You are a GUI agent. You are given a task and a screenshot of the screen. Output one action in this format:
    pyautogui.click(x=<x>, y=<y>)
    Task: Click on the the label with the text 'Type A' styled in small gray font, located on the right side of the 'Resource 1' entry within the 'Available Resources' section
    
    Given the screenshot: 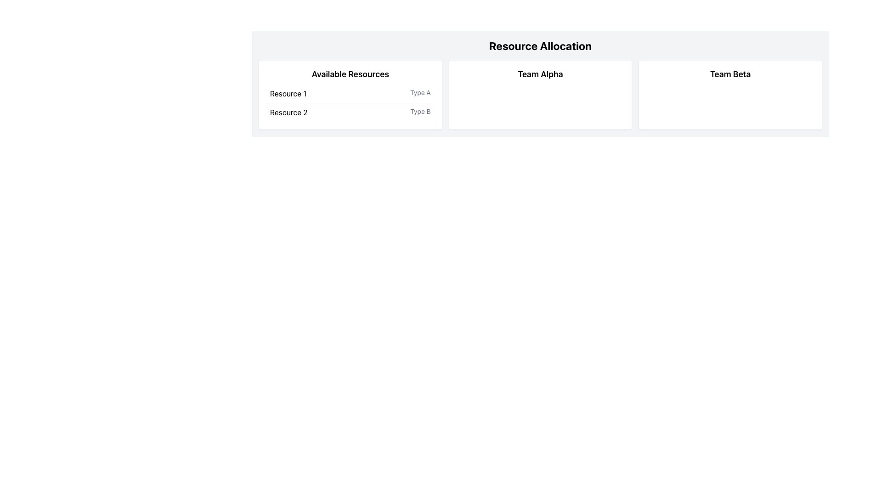 What is the action you would take?
    pyautogui.click(x=420, y=94)
    